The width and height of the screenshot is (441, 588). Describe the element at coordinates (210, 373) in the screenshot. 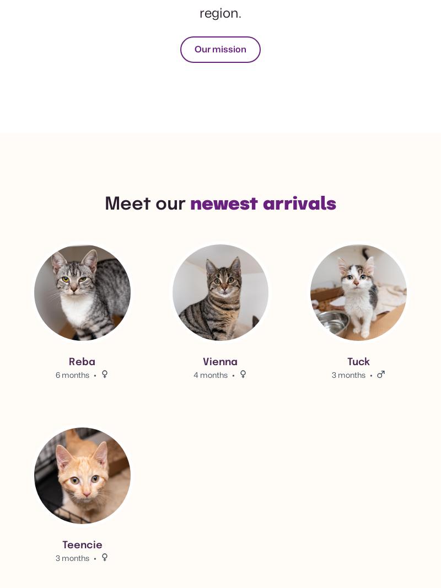

I see `'4
        months'` at that location.